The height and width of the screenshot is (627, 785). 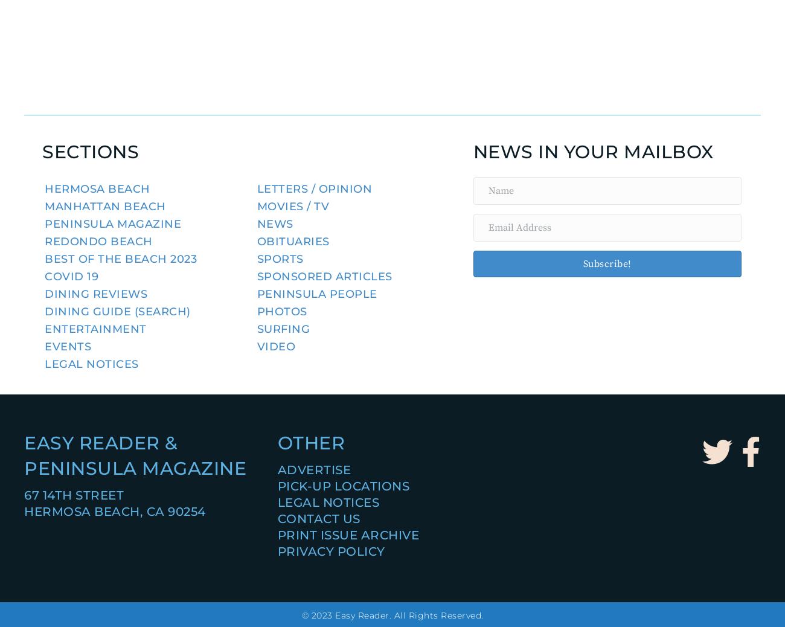 What do you see at coordinates (347, 535) in the screenshot?
I see `'Print Issue Archive'` at bounding box center [347, 535].